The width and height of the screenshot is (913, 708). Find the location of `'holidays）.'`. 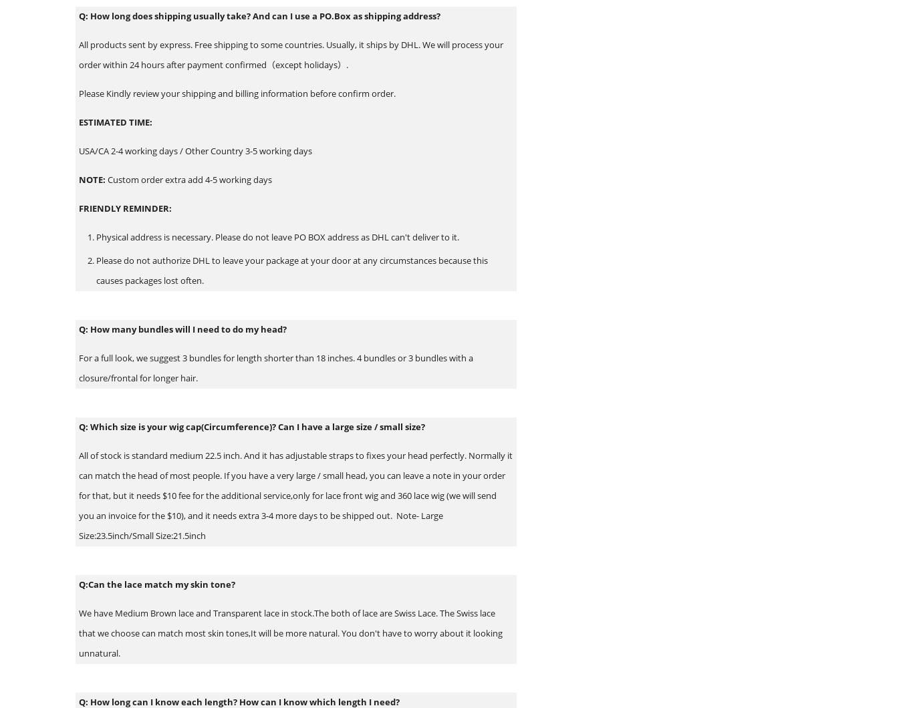

'holidays）.' is located at coordinates (325, 64).